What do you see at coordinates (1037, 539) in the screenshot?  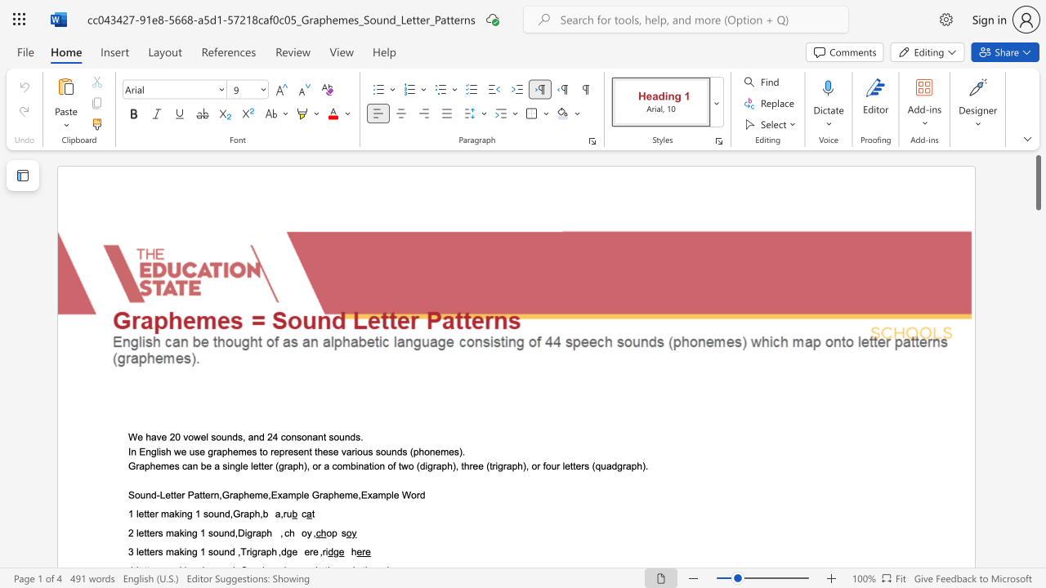 I see `the scrollbar to scroll downward` at bounding box center [1037, 539].